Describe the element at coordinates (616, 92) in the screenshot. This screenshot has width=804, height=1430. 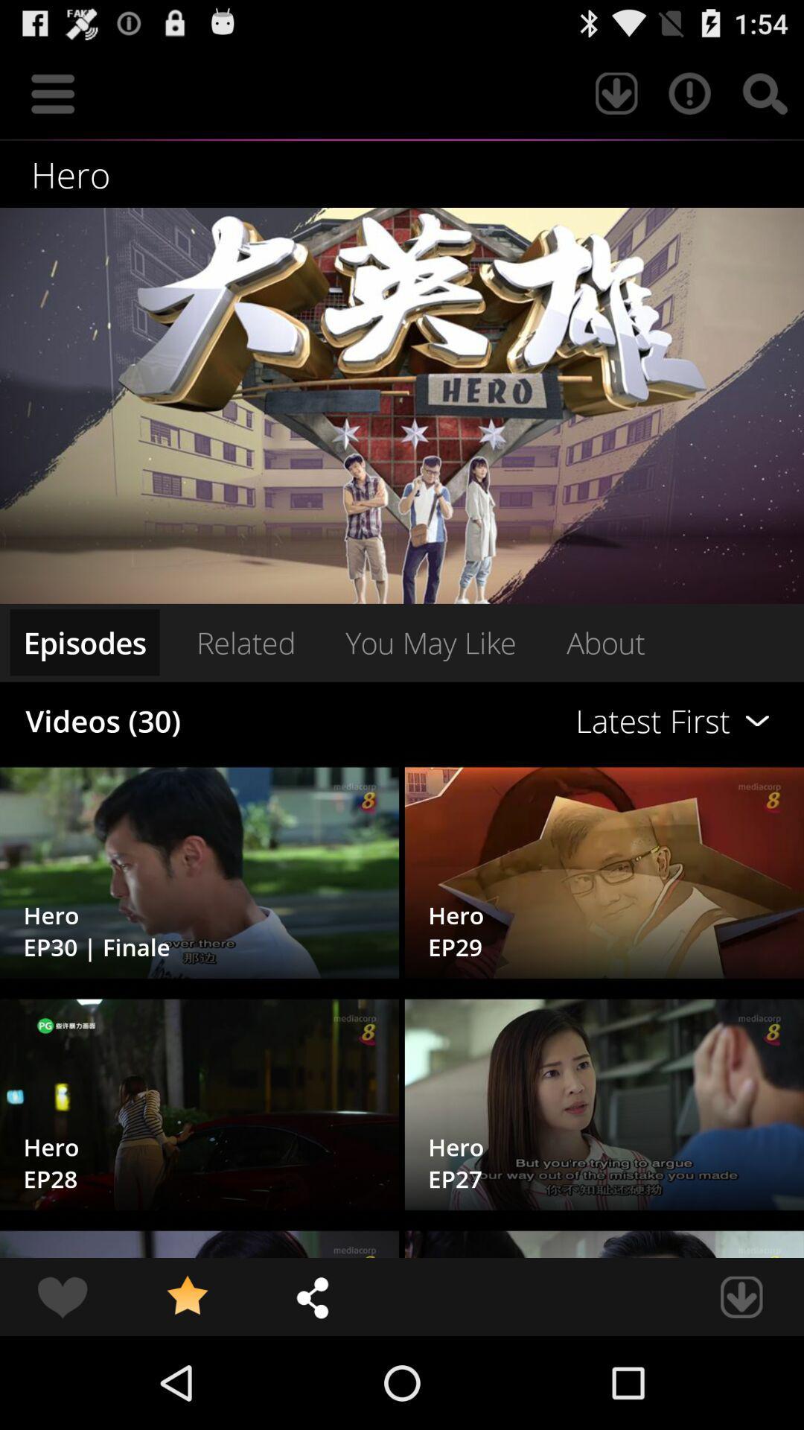
I see `the item above hero item` at that location.